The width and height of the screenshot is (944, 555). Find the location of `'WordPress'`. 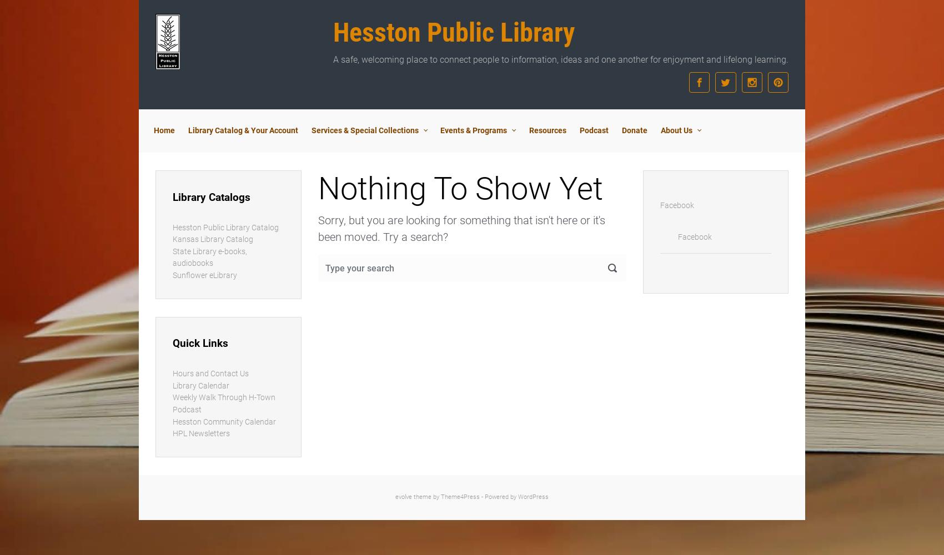

'WordPress' is located at coordinates (518, 496).